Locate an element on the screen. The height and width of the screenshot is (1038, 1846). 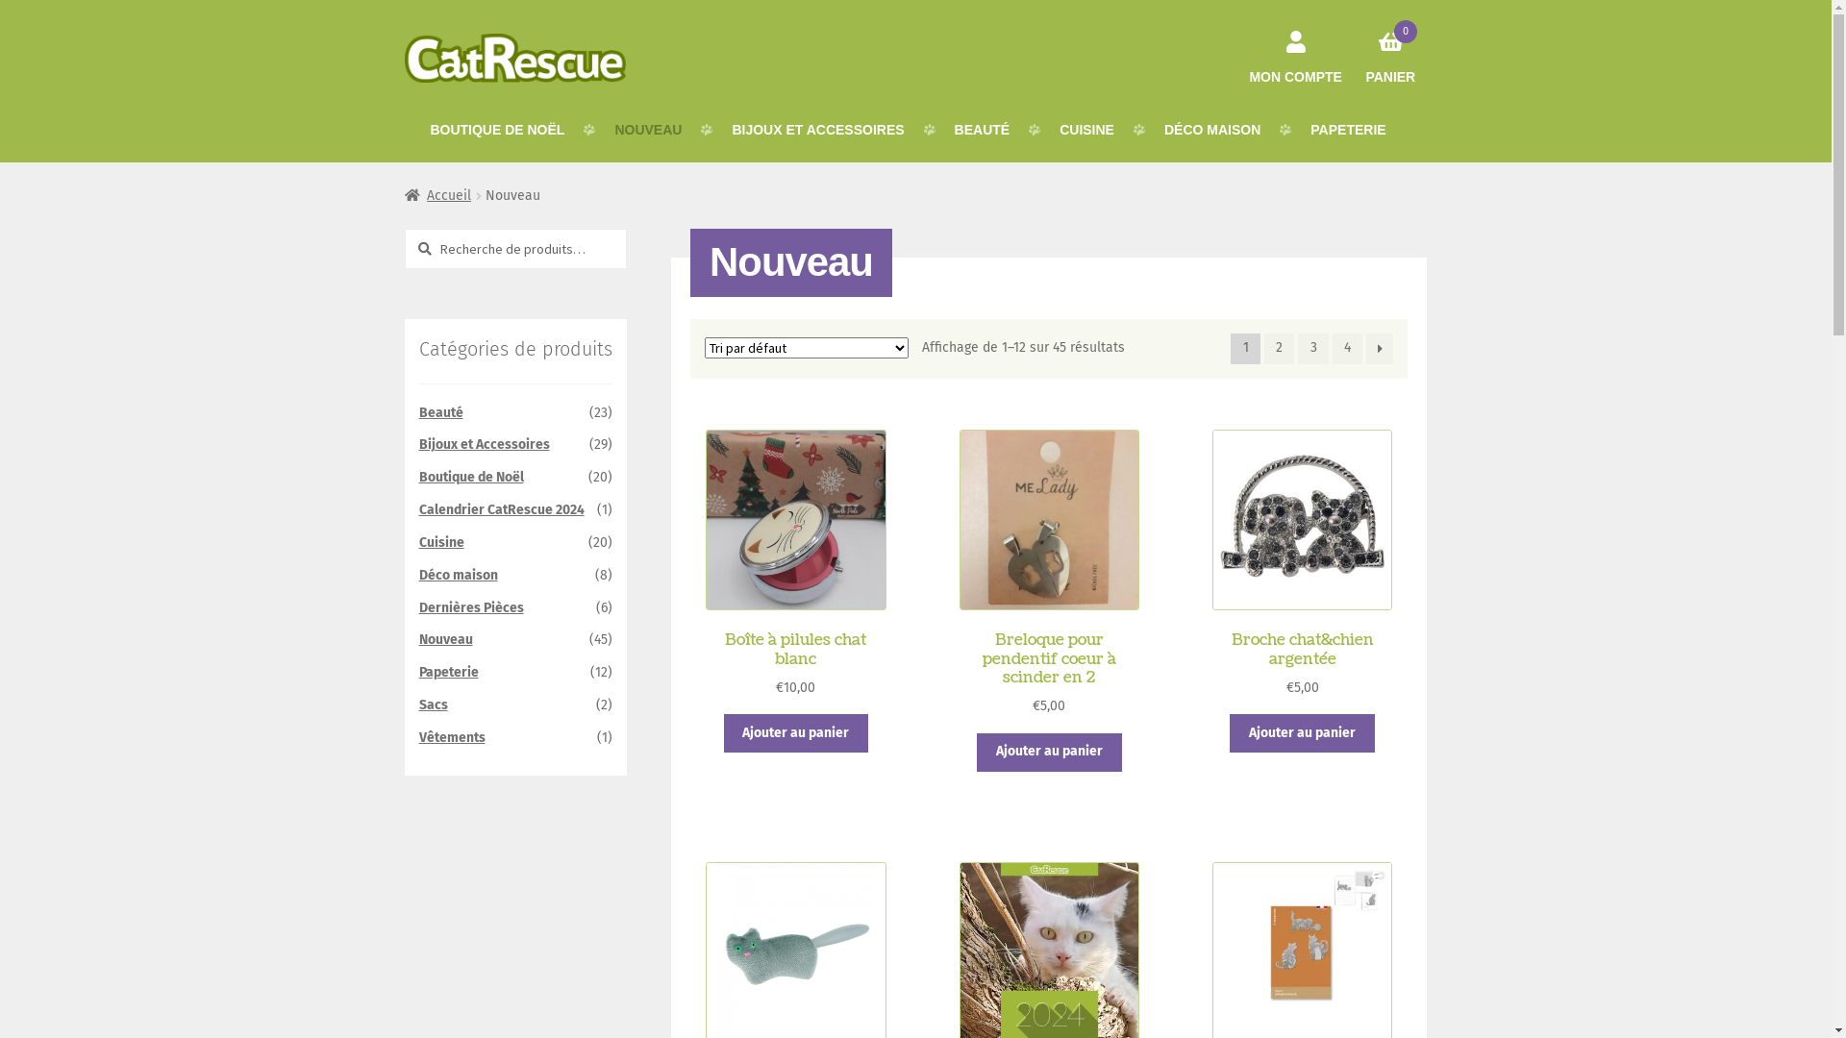
'Ajouter au panier' is located at coordinates (796, 733).